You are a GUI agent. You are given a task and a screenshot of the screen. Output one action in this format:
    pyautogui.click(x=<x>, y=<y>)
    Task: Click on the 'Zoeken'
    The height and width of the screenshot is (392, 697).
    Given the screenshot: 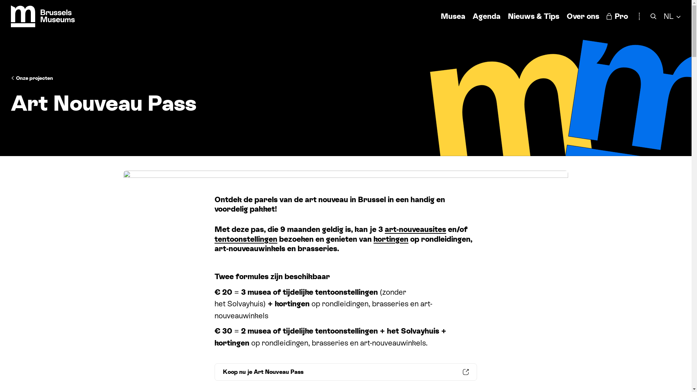 What is the action you would take?
    pyautogui.click(x=653, y=16)
    